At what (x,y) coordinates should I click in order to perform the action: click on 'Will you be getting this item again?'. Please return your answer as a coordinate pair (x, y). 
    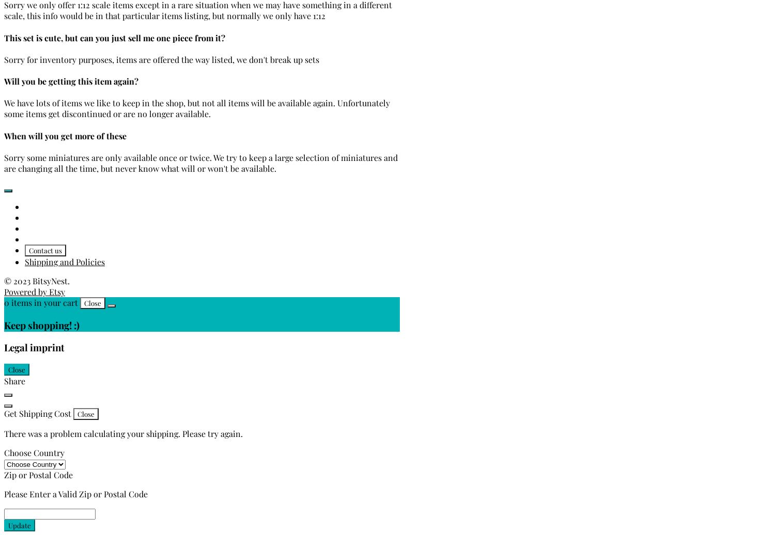
    Looking at the image, I should click on (4, 80).